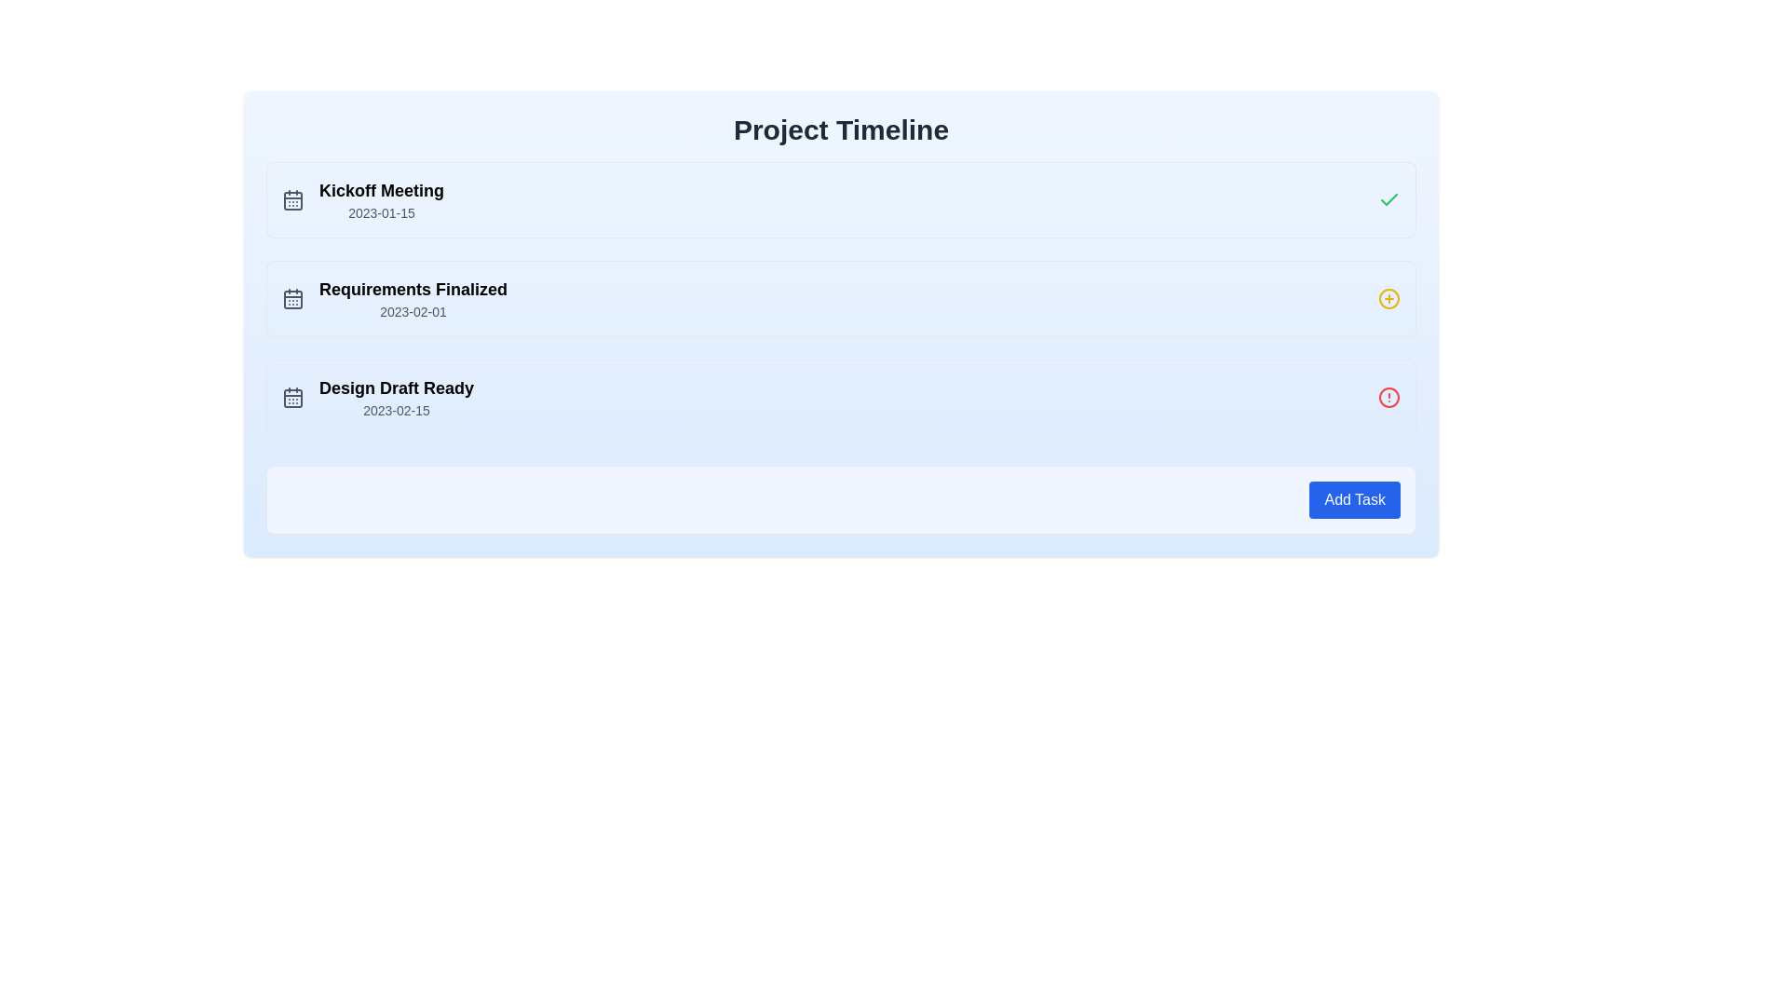 Image resolution: width=1788 pixels, height=1006 pixels. Describe the element at coordinates (362, 200) in the screenshot. I see `the List item representing the 'Kickoff Meeting' scheduled for '2023-01-15' in the vertical timeline under 'Project Timeline'` at that location.